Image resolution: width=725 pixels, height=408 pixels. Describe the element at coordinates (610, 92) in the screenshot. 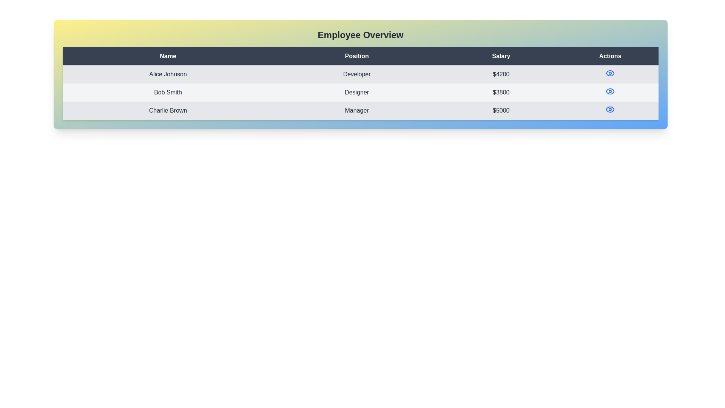

I see `the circular blue eye icon in the 'Actions' column of the 'Employee Overview' section for the row labeled 'Bob Smith'` at that location.